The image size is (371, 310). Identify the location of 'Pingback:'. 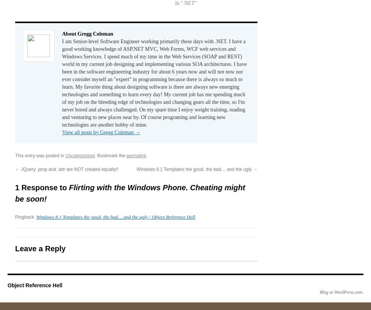
(26, 217).